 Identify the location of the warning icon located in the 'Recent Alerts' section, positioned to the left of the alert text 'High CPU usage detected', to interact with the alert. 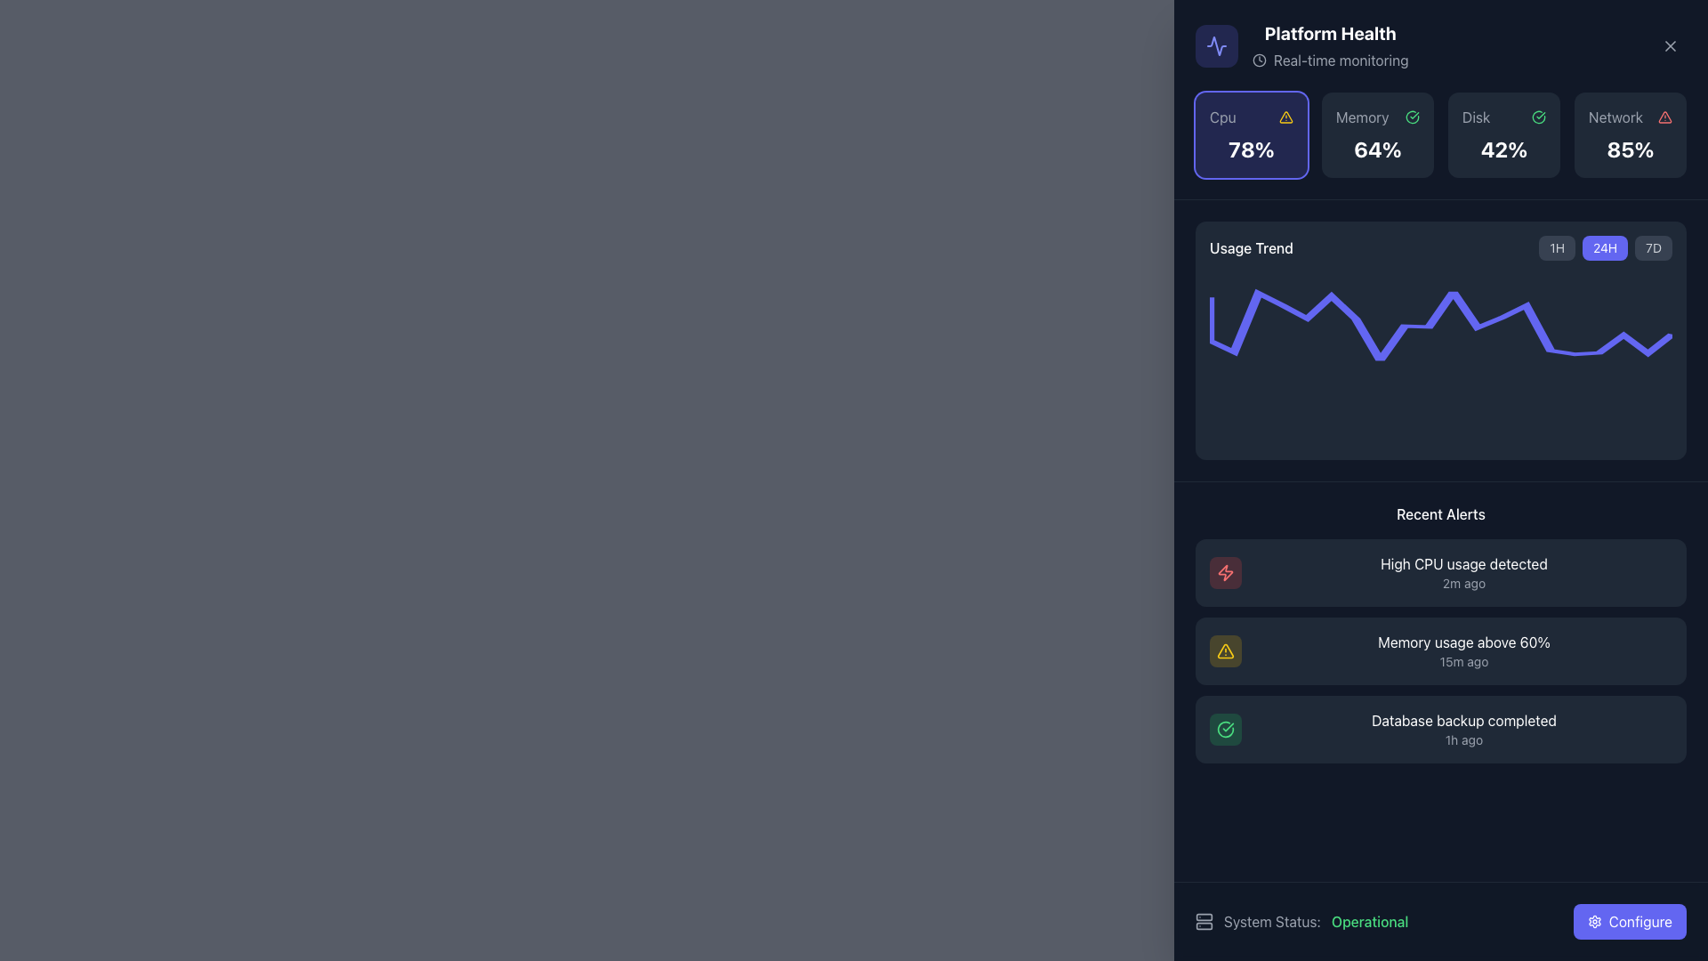
(1224, 573).